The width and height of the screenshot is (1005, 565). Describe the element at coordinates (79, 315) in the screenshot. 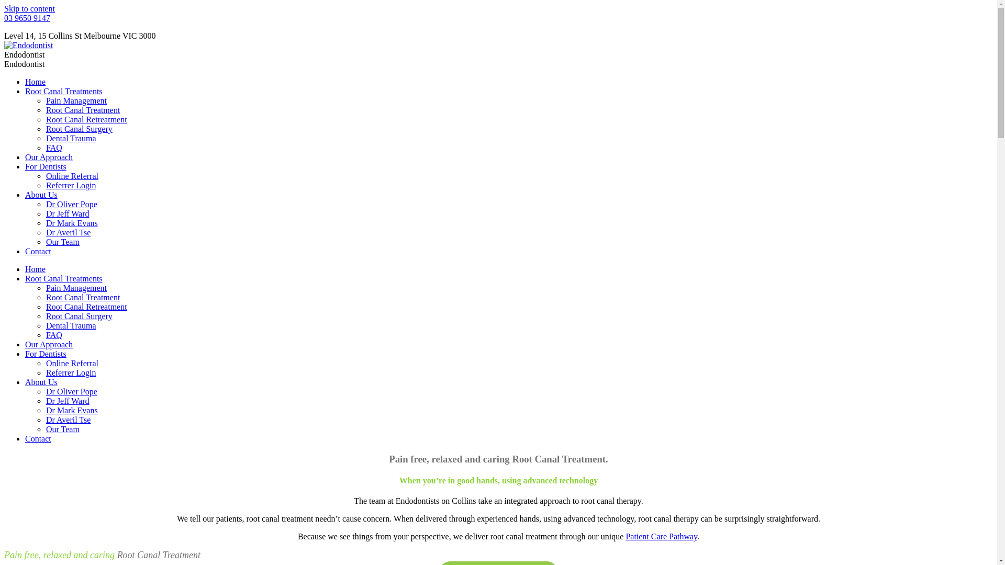

I see `'Root Canal Surgery'` at that location.